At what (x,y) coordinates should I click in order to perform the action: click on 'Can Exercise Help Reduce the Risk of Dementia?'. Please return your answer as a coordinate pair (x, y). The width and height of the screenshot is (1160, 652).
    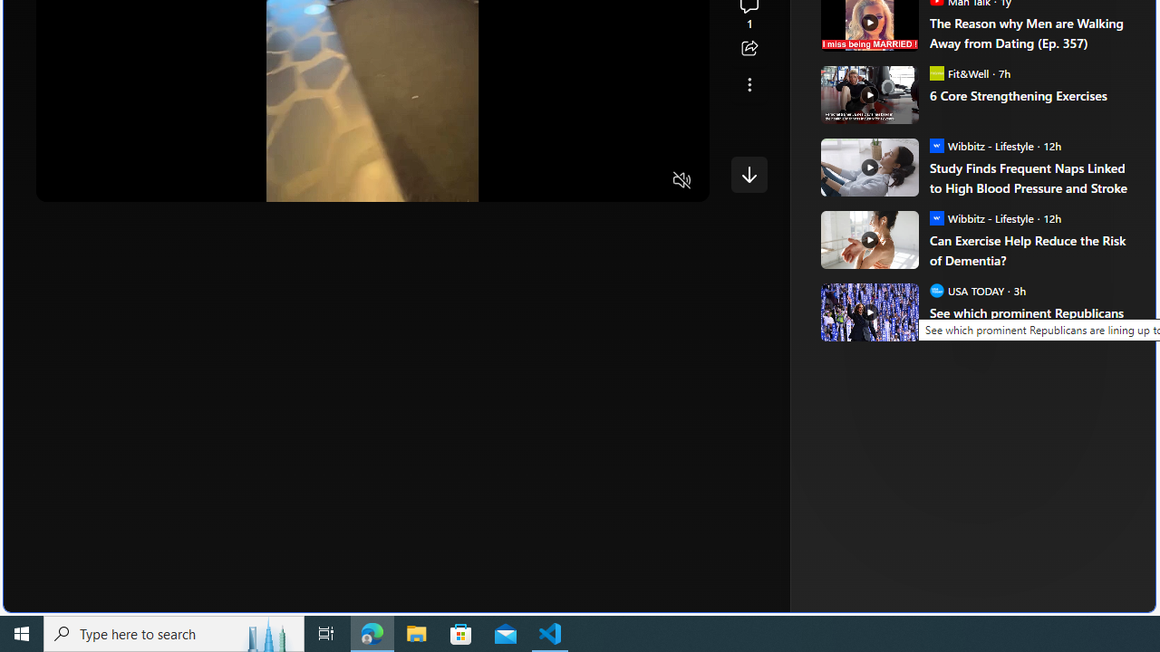
    Looking at the image, I should click on (1029, 250).